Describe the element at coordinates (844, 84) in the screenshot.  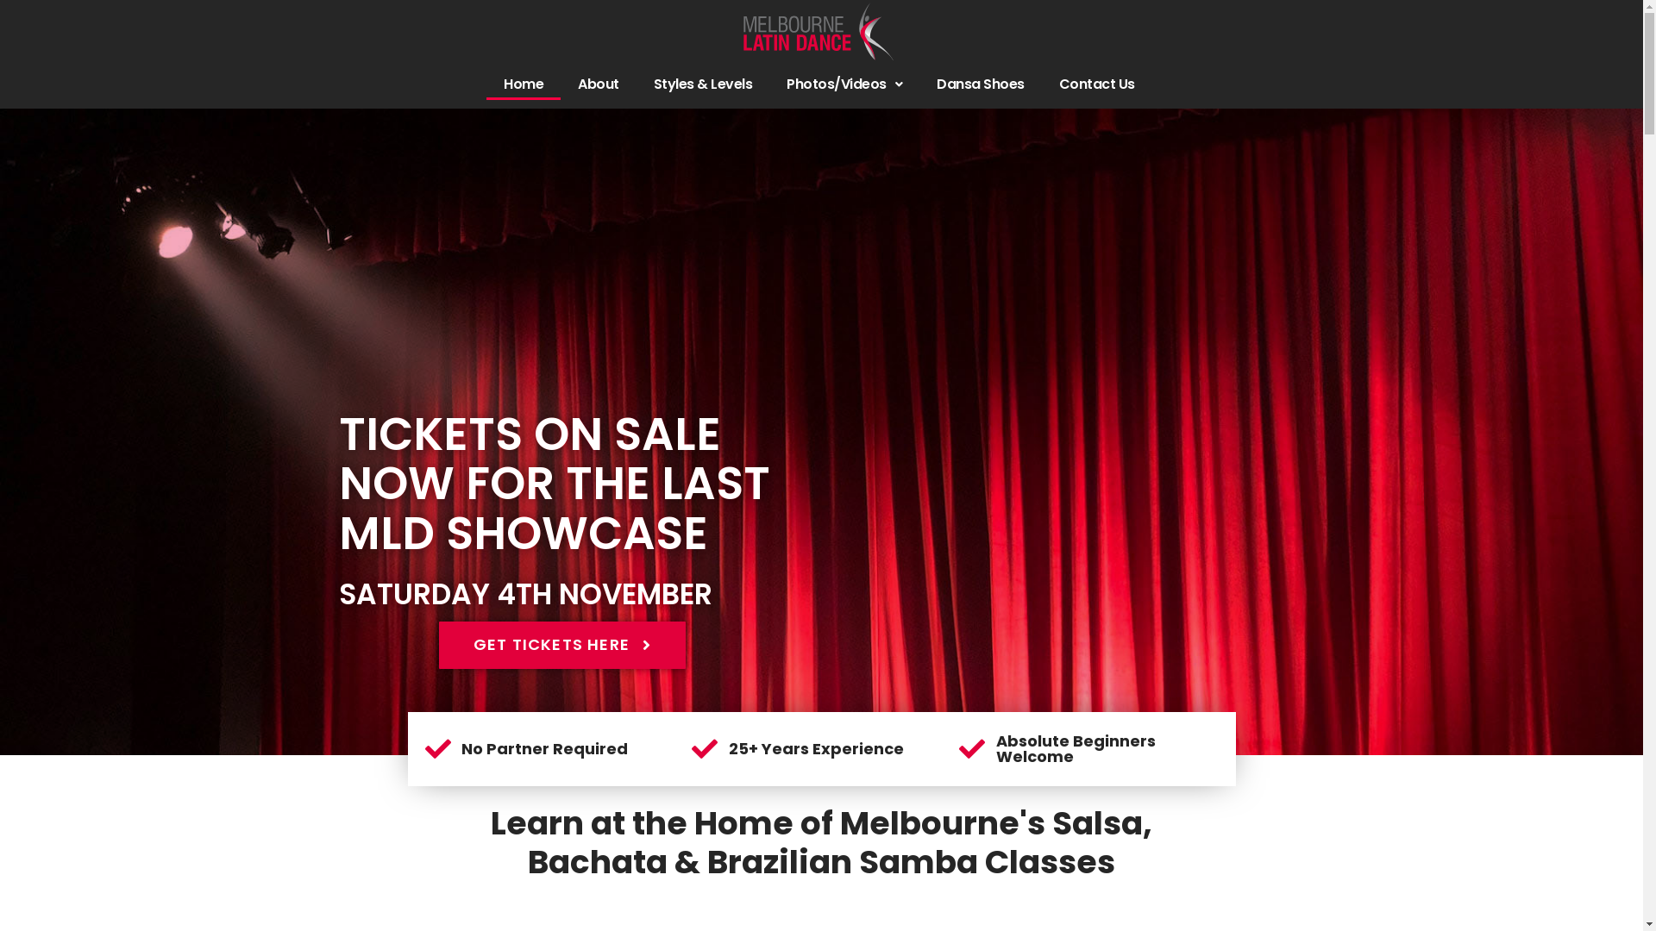
I see `'Photos/Videos'` at that location.